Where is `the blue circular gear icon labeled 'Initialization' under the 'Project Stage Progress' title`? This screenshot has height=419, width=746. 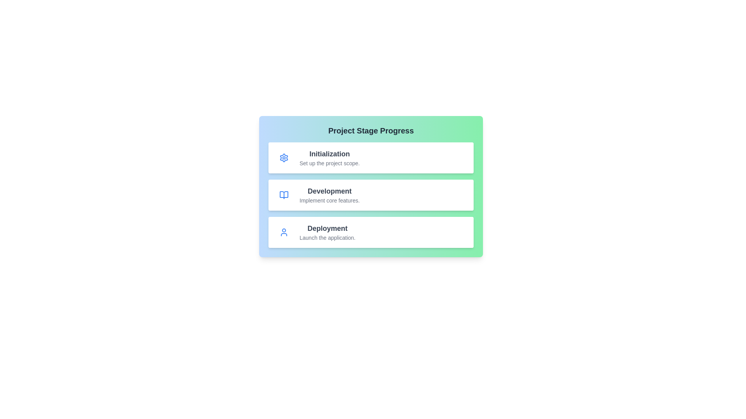 the blue circular gear icon labeled 'Initialization' under the 'Project Stage Progress' title is located at coordinates (283, 158).